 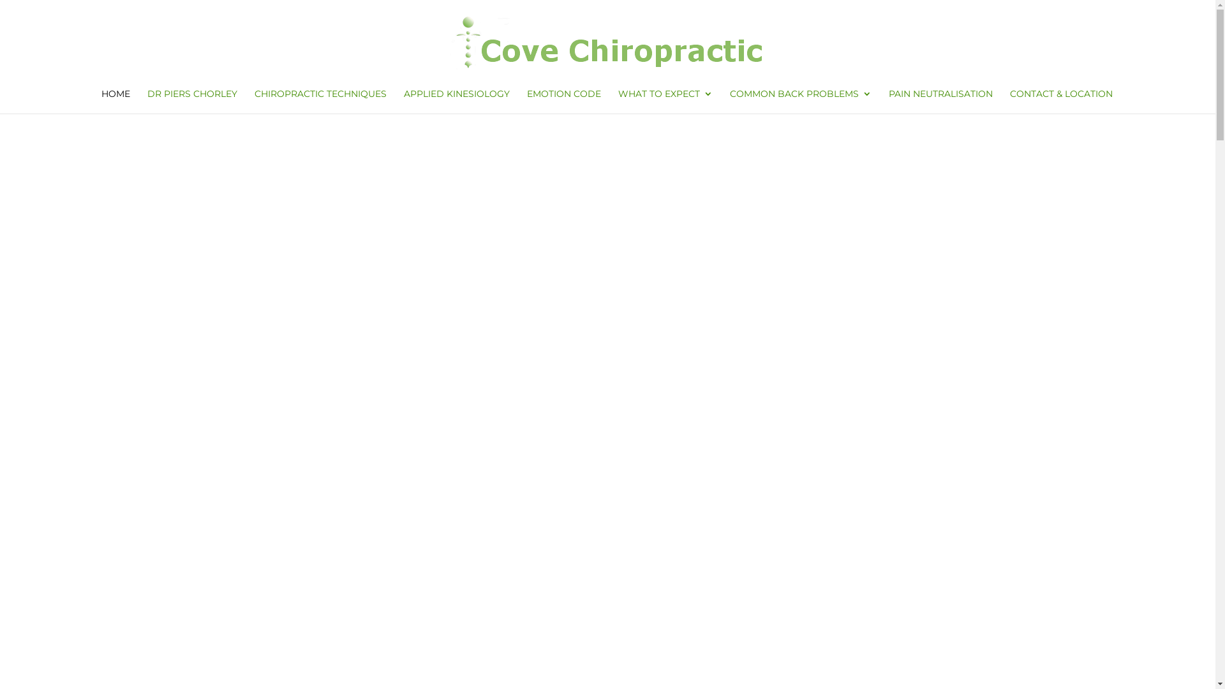 What do you see at coordinates (320, 100) in the screenshot?
I see `'CHIROPRACTIC TECHNIQUES'` at bounding box center [320, 100].